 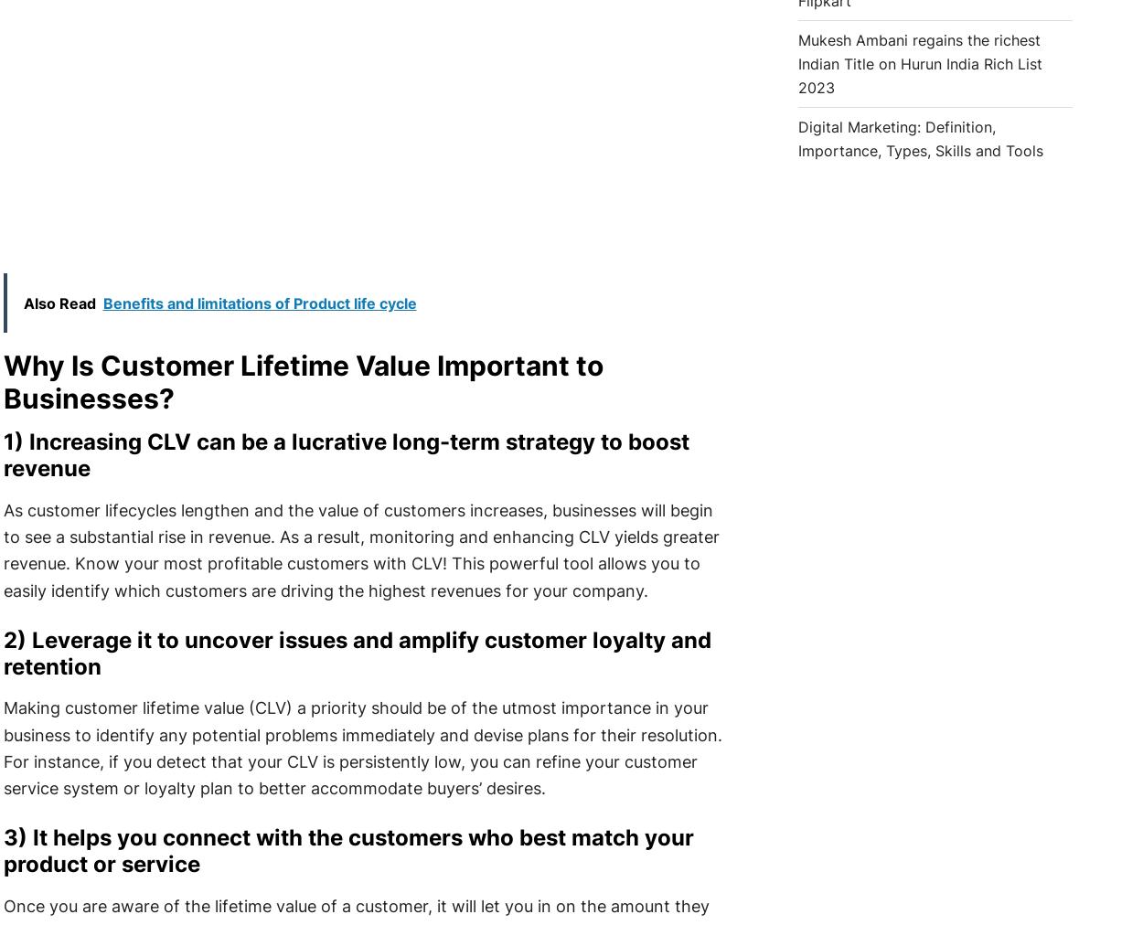 I want to click on 'Also Read', so click(x=58, y=302).